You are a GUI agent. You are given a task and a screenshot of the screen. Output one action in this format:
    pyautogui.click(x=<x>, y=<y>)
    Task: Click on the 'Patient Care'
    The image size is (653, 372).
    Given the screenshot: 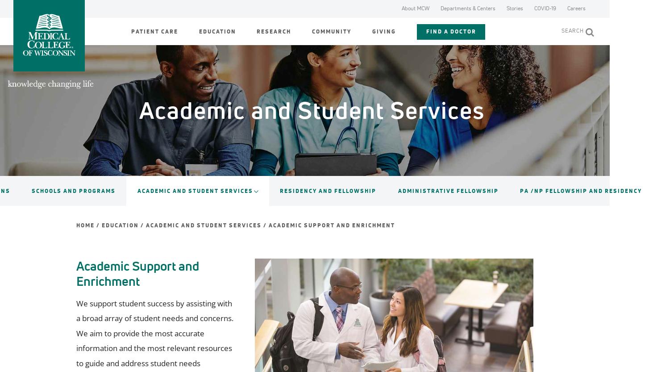 What is the action you would take?
    pyautogui.click(x=154, y=31)
    